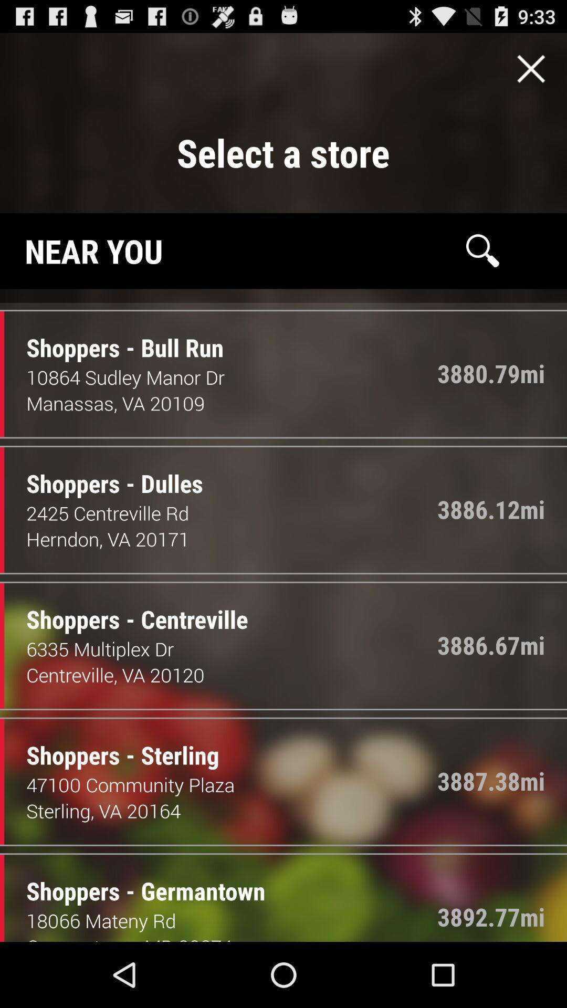  What do you see at coordinates (231, 784) in the screenshot?
I see `item below the shoppers - sterling  item` at bounding box center [231, 784].